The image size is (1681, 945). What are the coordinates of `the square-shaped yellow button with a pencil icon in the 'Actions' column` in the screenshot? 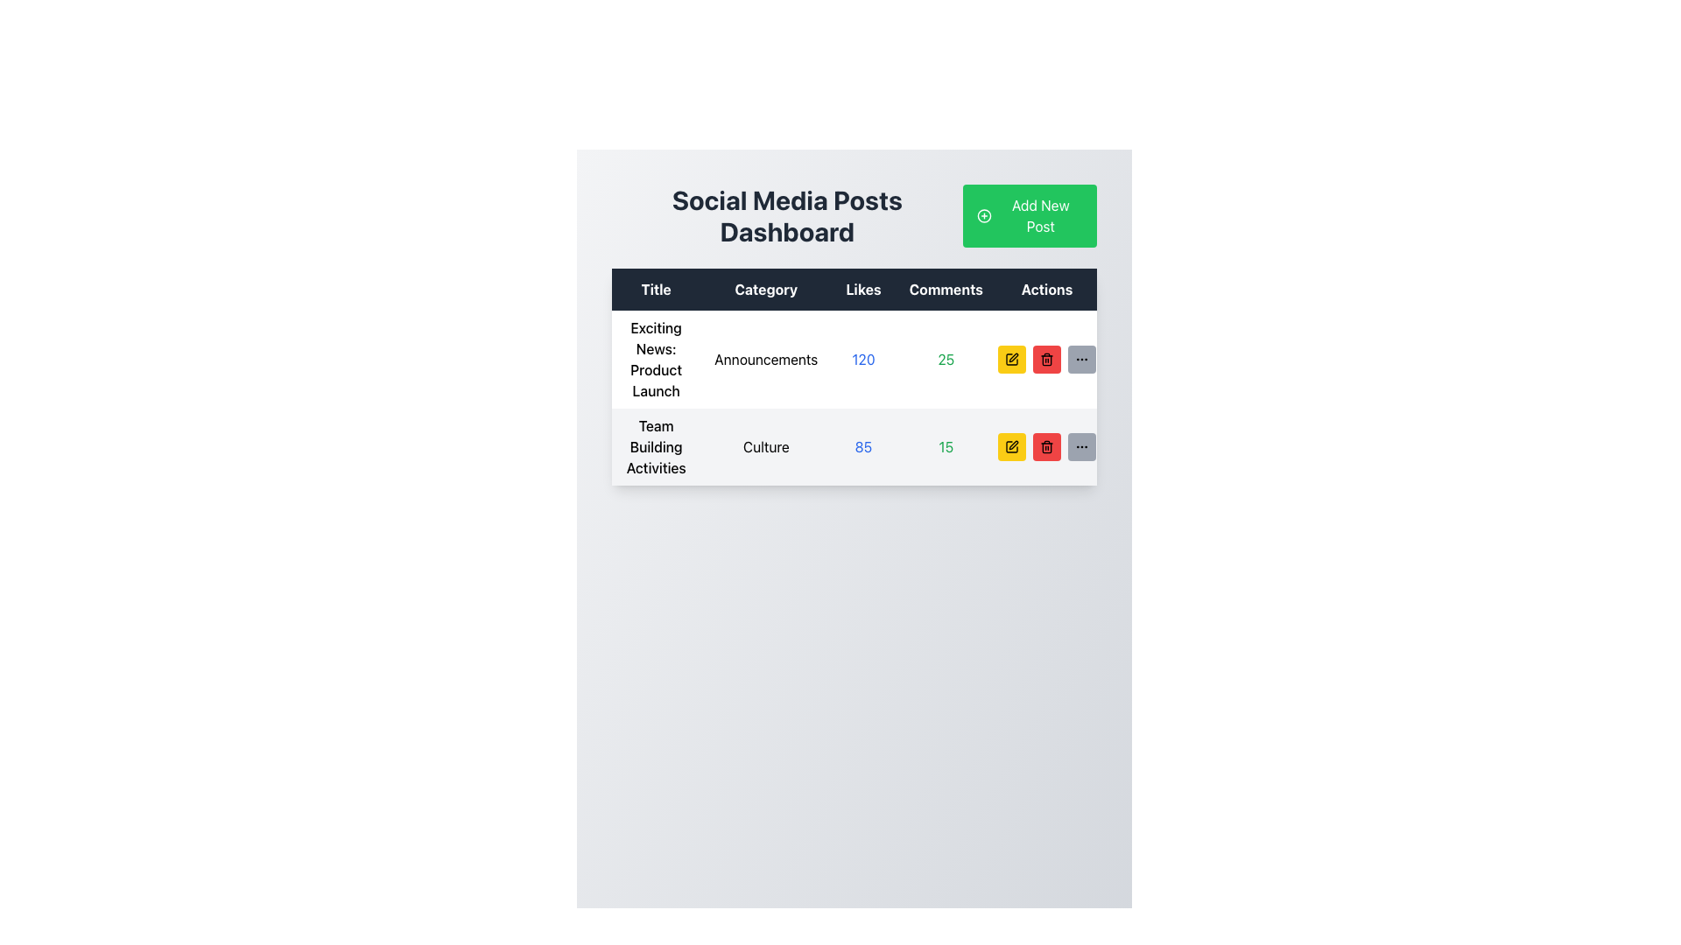 It's located at (1012, 359).